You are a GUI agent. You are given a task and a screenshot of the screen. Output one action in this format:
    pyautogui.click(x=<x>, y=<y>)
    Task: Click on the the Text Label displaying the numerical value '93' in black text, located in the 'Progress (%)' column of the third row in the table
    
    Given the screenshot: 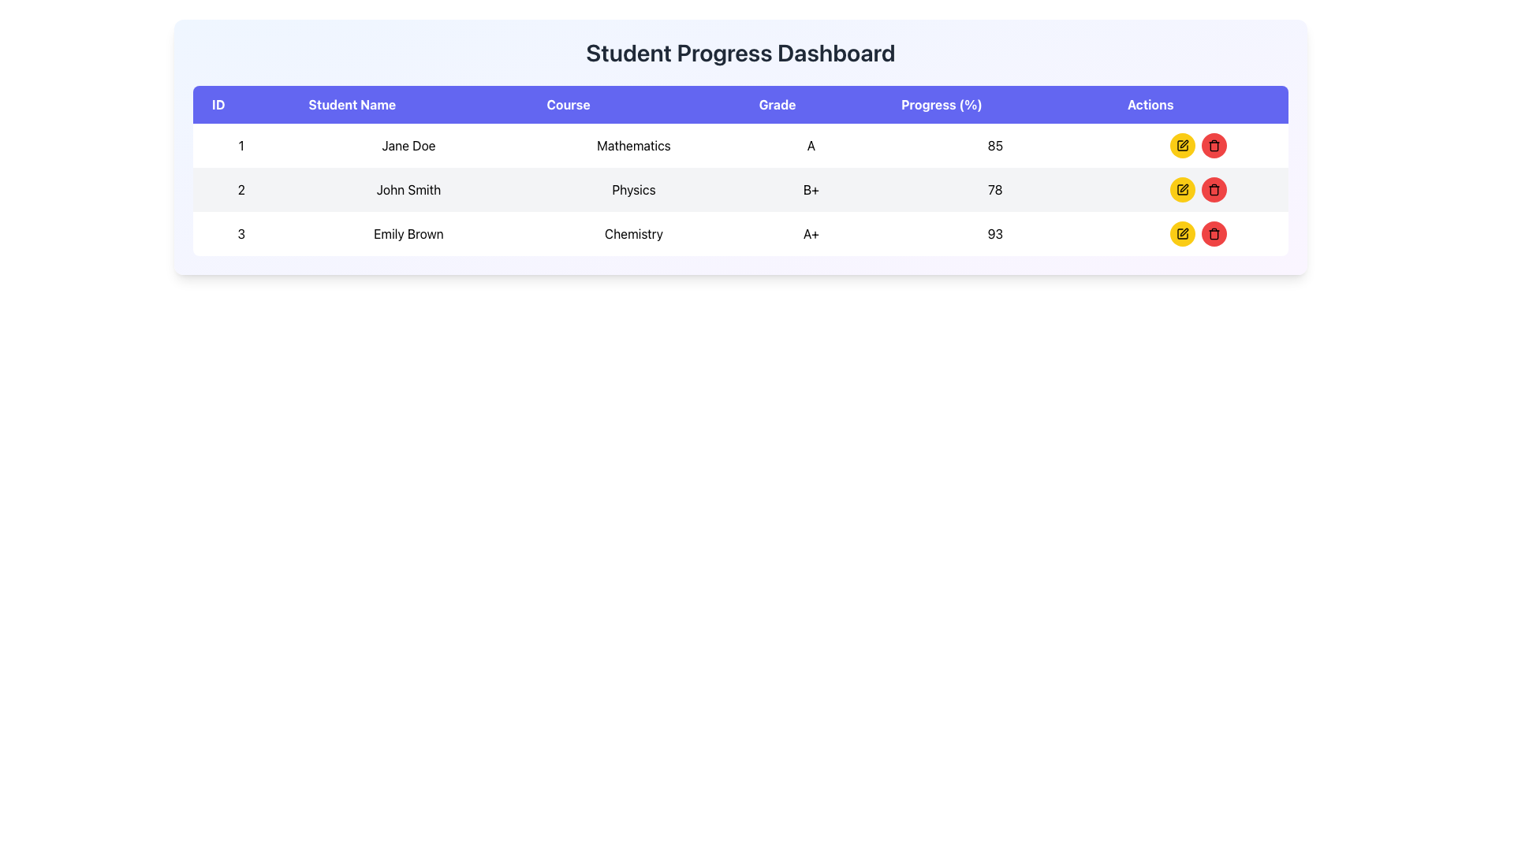 What is the action you would take?
    pyautogui.click(x=994, y=234)
    